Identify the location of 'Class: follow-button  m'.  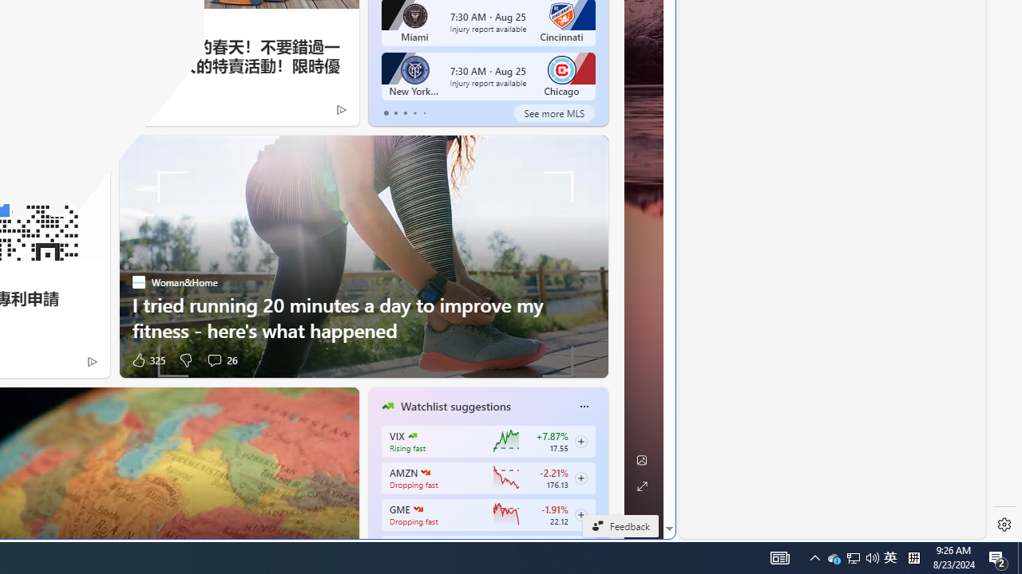
(580, 514).